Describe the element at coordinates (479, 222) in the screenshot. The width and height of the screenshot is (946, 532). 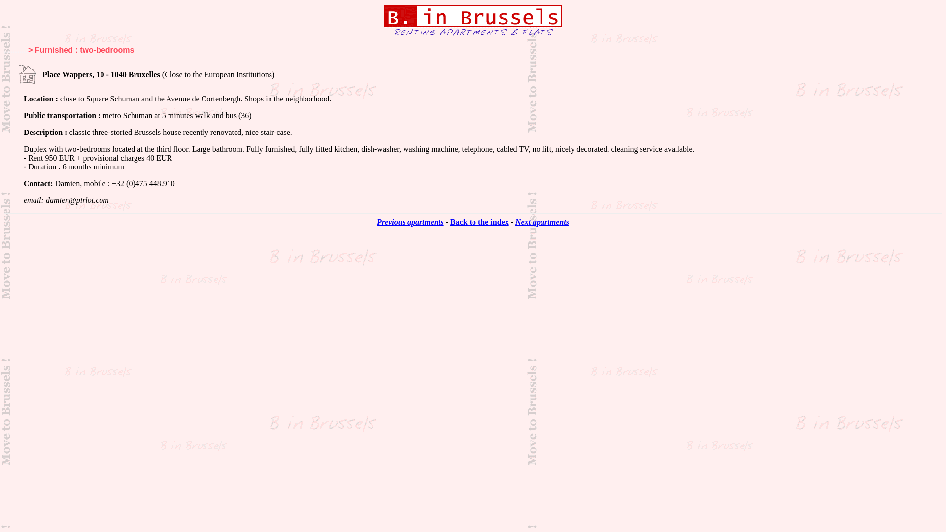
I see `'Back to the index'` at that location.